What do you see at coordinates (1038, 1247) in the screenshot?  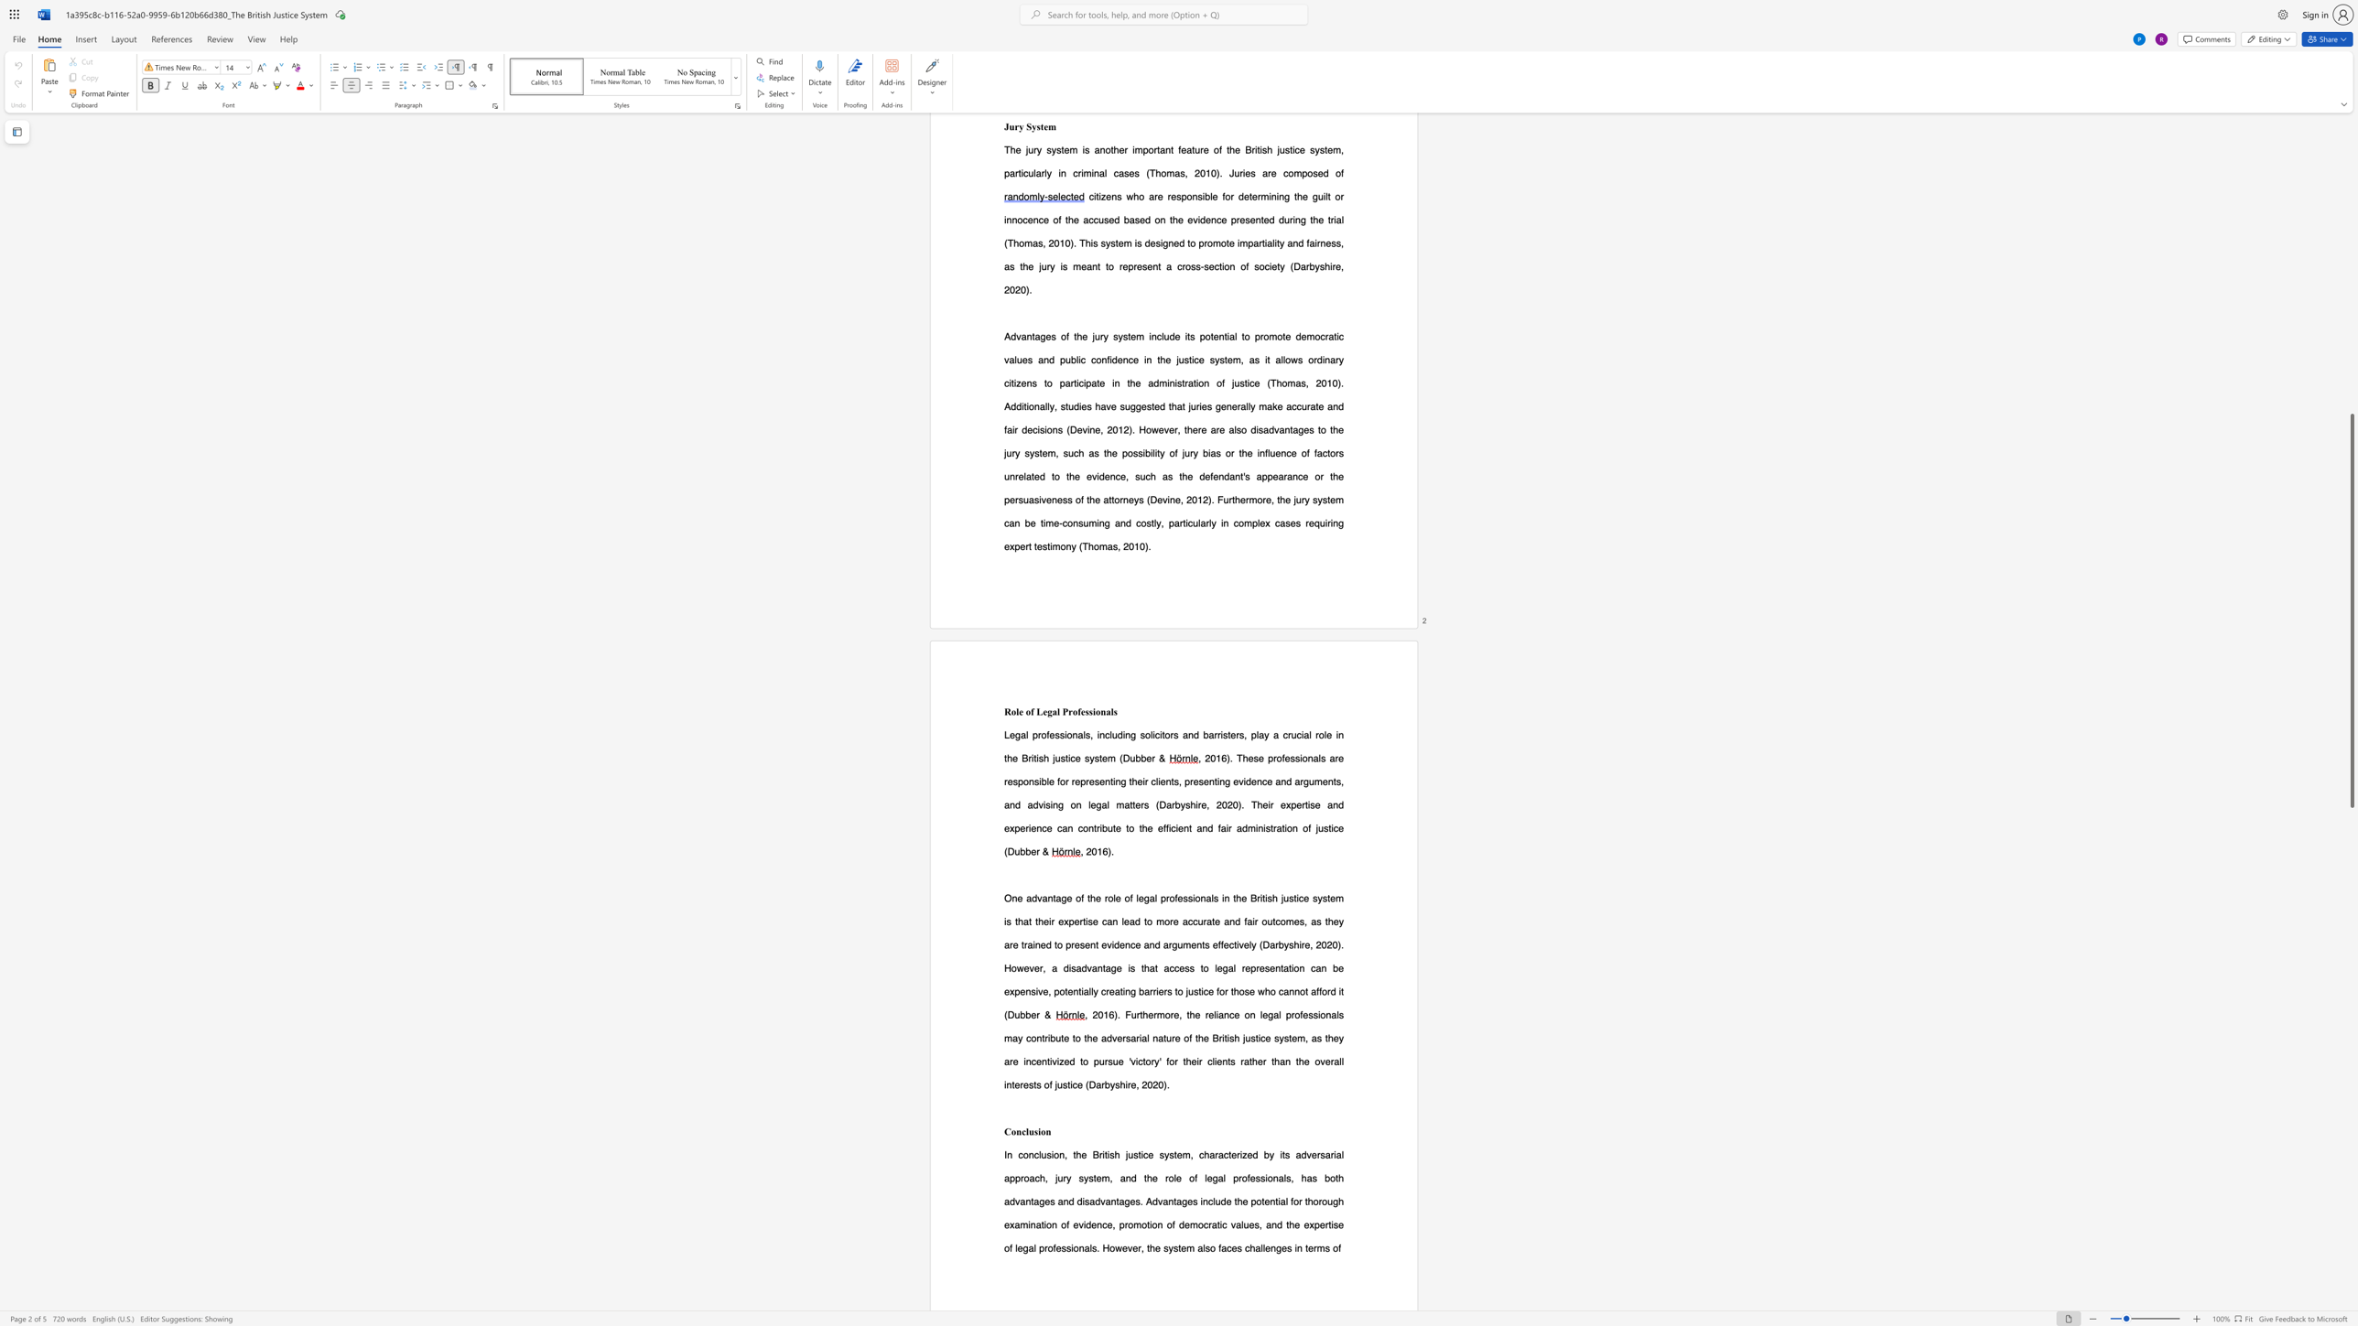 I see `the subset text "professionals. Howeve" within the text "of legal professionals. However, the system also faces challenges in terms of"` at bounding box center [1038, 1247].